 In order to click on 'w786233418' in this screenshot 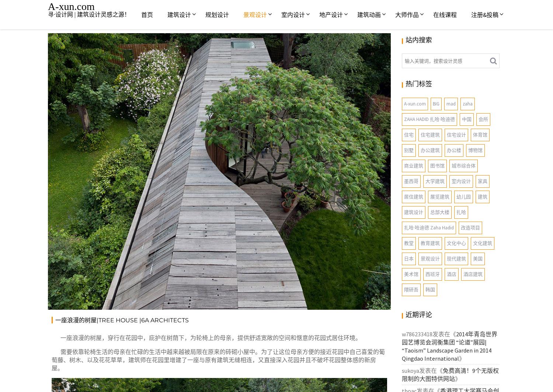, I will do `click(417, 333)`.